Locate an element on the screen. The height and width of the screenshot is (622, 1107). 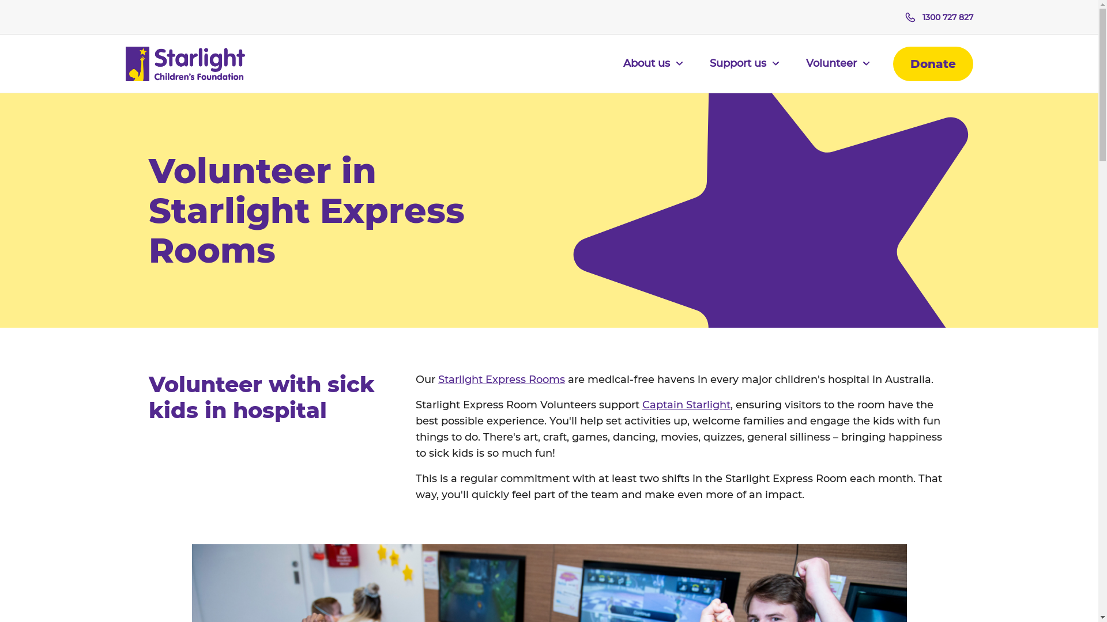
'1300 727 827' is located at coordinates (904, 17).